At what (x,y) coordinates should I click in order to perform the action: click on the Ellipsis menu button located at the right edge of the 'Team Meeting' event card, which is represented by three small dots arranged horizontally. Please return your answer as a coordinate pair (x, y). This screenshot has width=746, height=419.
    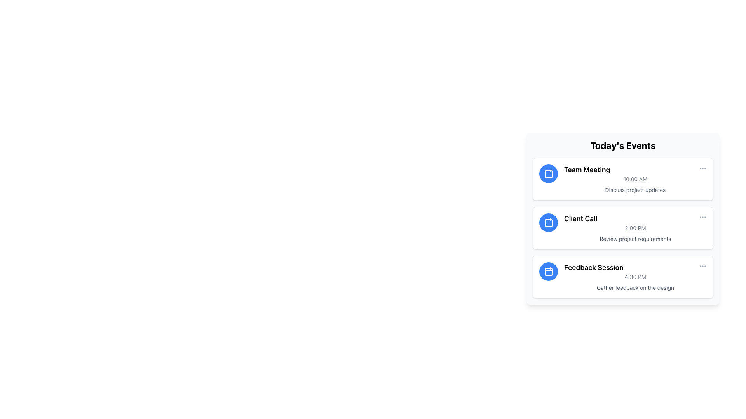
    Looking at the image, I should click on (703, 168).